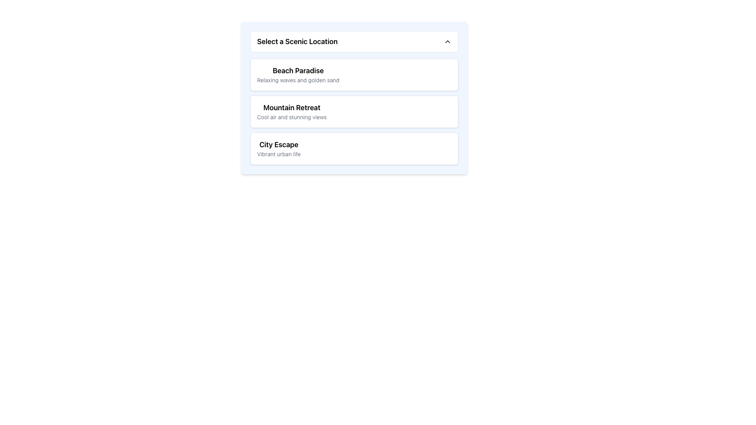 The height and width of the screenshot is (425, 756). Describe the element at coordinates (279, 144) in the screenshot. I see `title text label displaying 'City Escape', which is styled with a bold font and larger size, positioned at the center coordinates` at that location.